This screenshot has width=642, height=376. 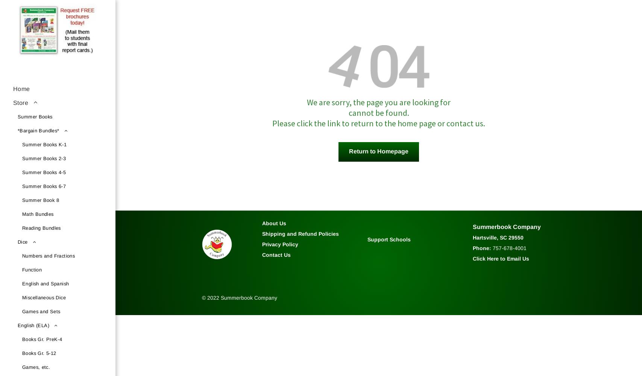 I want to click on 'Books Gr. PreK-4', so click(x=22, y=339).